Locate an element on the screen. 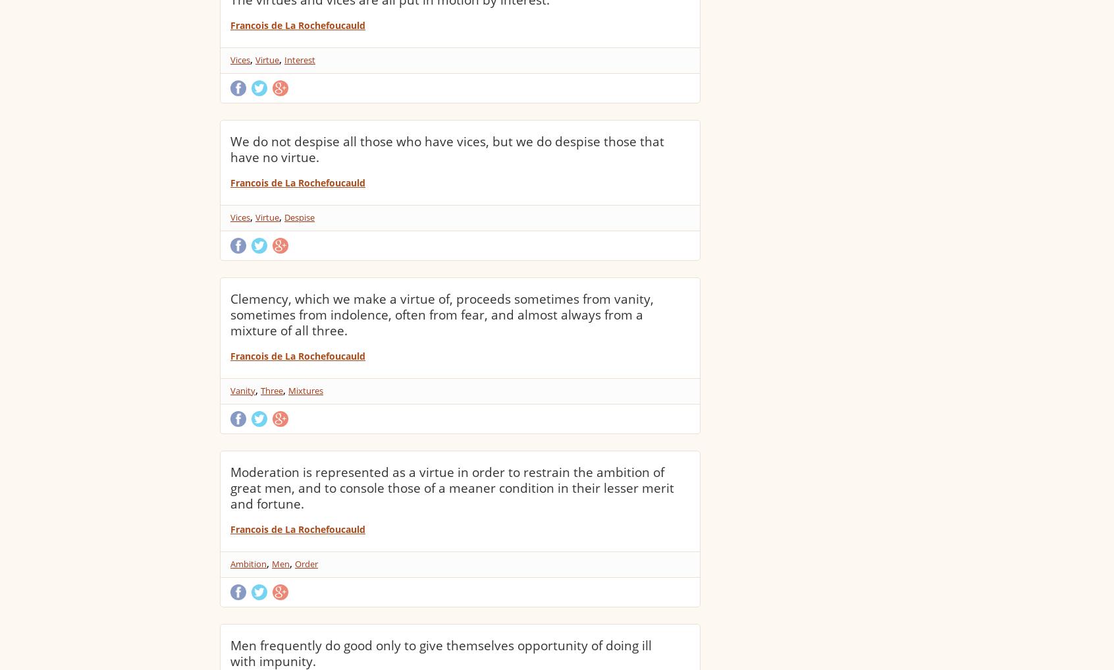  'Order' is located at coordinates (305, 564).